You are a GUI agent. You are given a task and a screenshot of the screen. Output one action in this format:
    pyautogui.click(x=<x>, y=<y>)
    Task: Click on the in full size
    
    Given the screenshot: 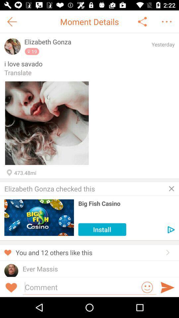 What is the action you would take?
    pyautogui.click(x=46, y=123)
    